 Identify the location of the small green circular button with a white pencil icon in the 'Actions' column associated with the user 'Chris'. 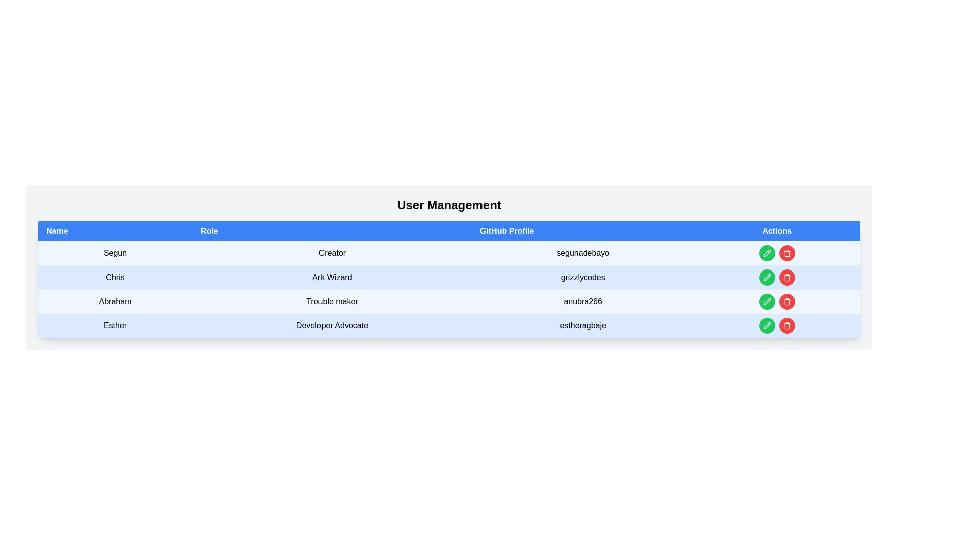
(766, 277).